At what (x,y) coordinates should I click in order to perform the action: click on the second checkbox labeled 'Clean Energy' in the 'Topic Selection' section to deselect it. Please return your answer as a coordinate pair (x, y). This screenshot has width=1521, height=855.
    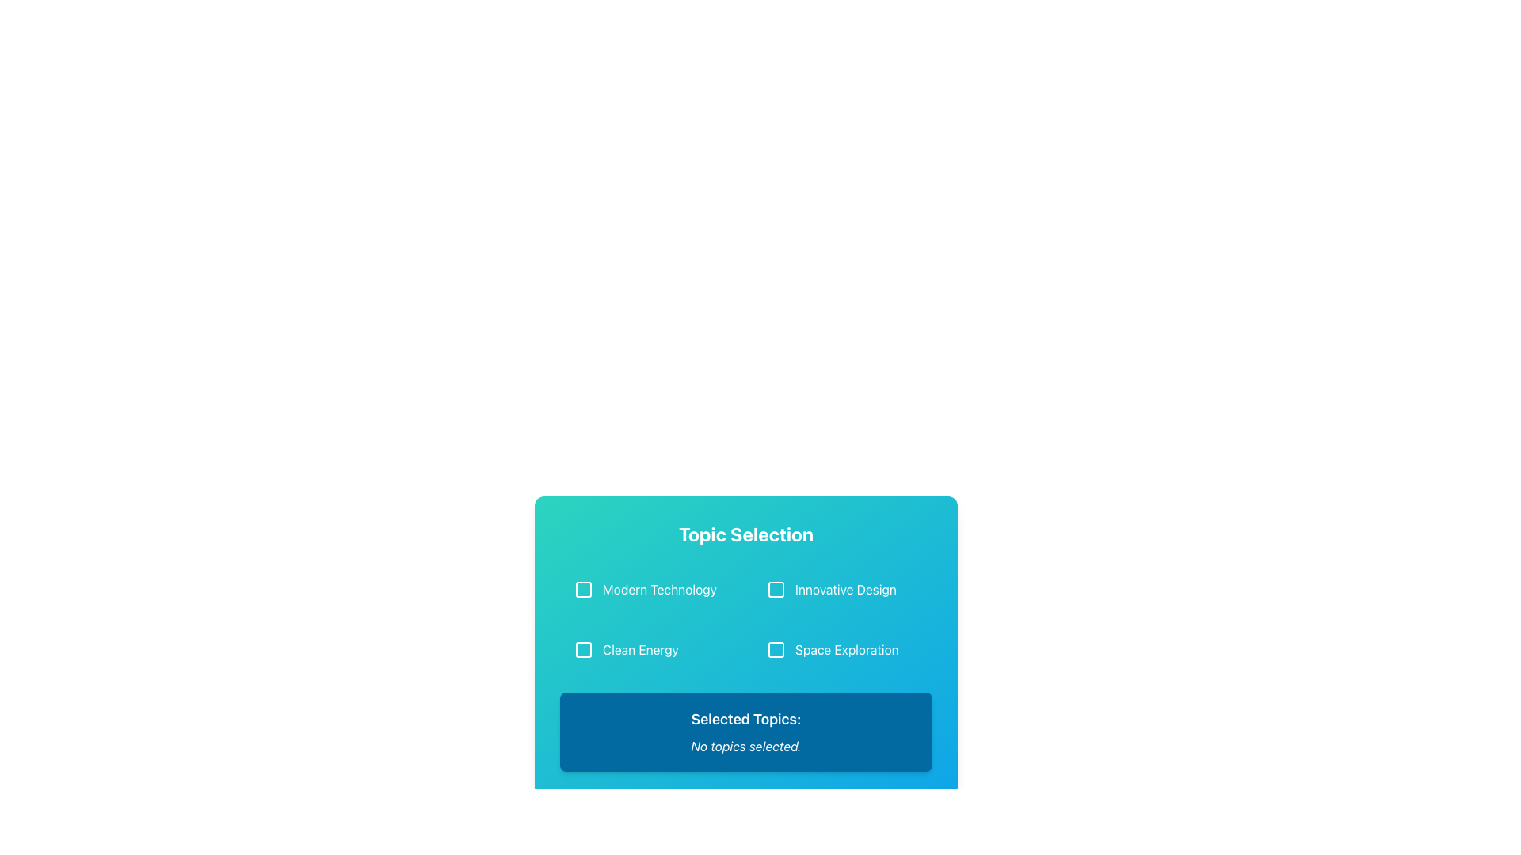
    Looking at the image, I should click on (583, 650).